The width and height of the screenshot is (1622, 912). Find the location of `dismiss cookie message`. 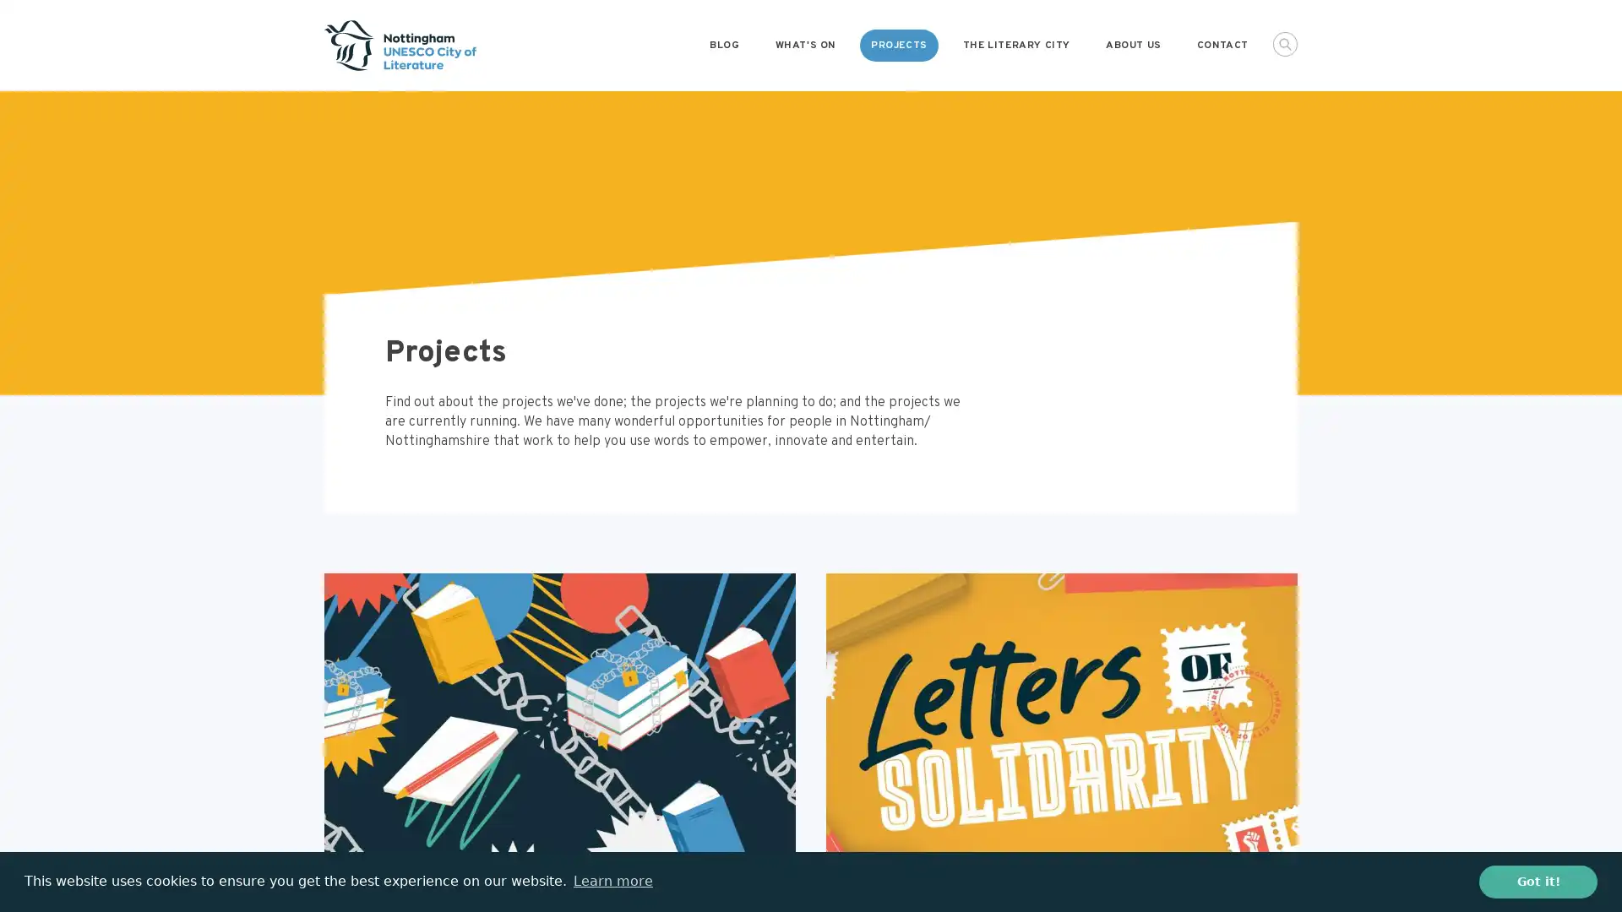

dismiss cookie message is located at coordinates (1538, 881).